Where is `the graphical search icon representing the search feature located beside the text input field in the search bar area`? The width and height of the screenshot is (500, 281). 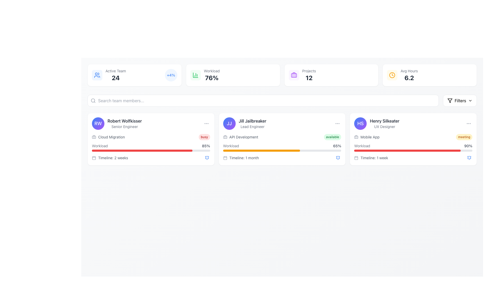
the graphical search icon representing the search feature located beside the text input field in the search bar area is located at coordinates (93, 100).